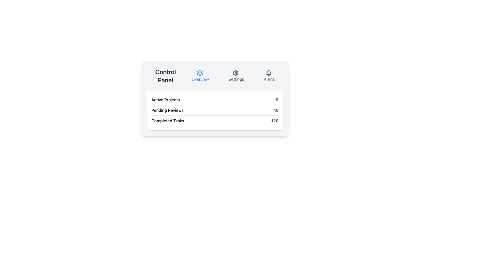 This screenshot has height=277, width=492. Describe the element at coordinates (236, 75) in the screenshot. I see `the second button in the horizontal navigation bar located between 'Overview' and 'Alerts'` at that location.